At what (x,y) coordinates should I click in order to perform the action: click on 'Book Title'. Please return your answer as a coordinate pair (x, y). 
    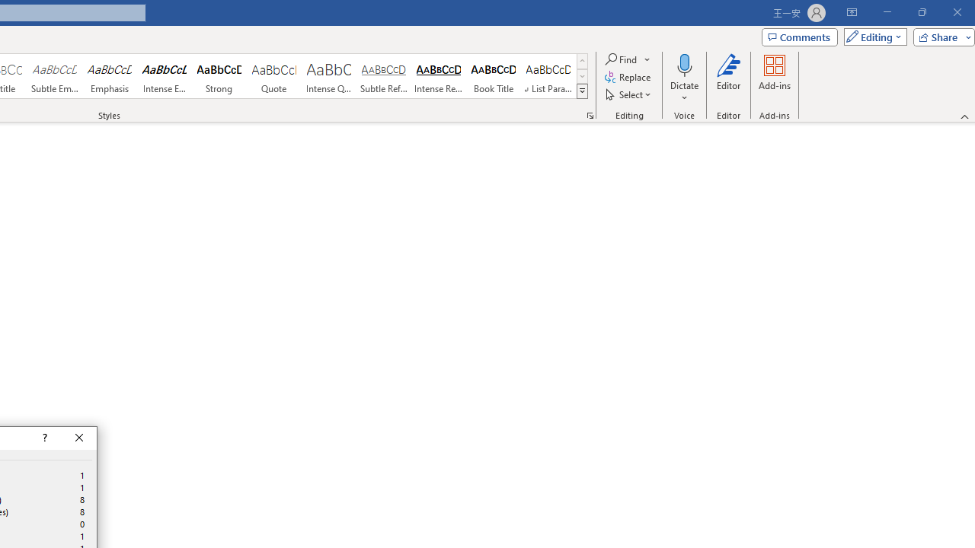
    Looking at the image, I should click on (493, 76).